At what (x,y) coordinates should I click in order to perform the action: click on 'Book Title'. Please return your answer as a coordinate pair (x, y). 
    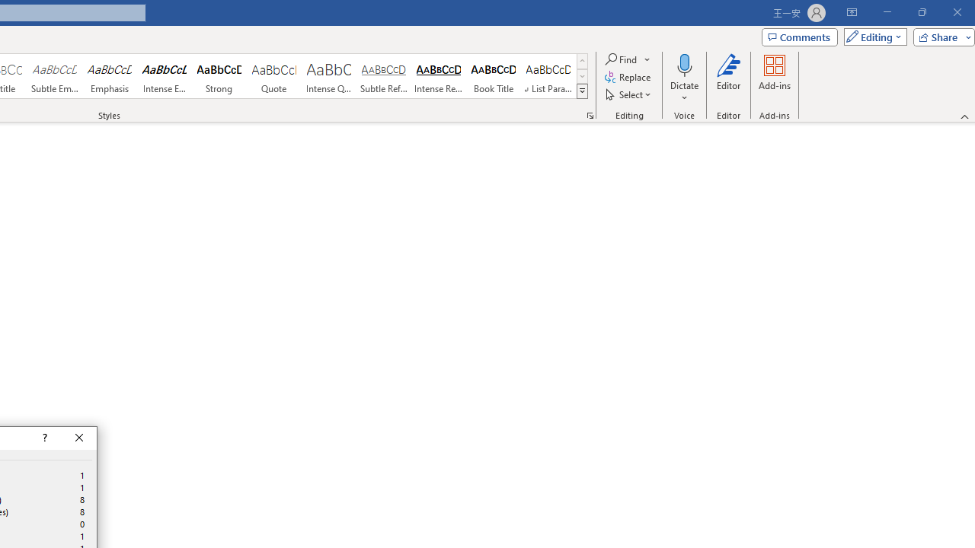
    Looking at the image, I should click on (493, 76).